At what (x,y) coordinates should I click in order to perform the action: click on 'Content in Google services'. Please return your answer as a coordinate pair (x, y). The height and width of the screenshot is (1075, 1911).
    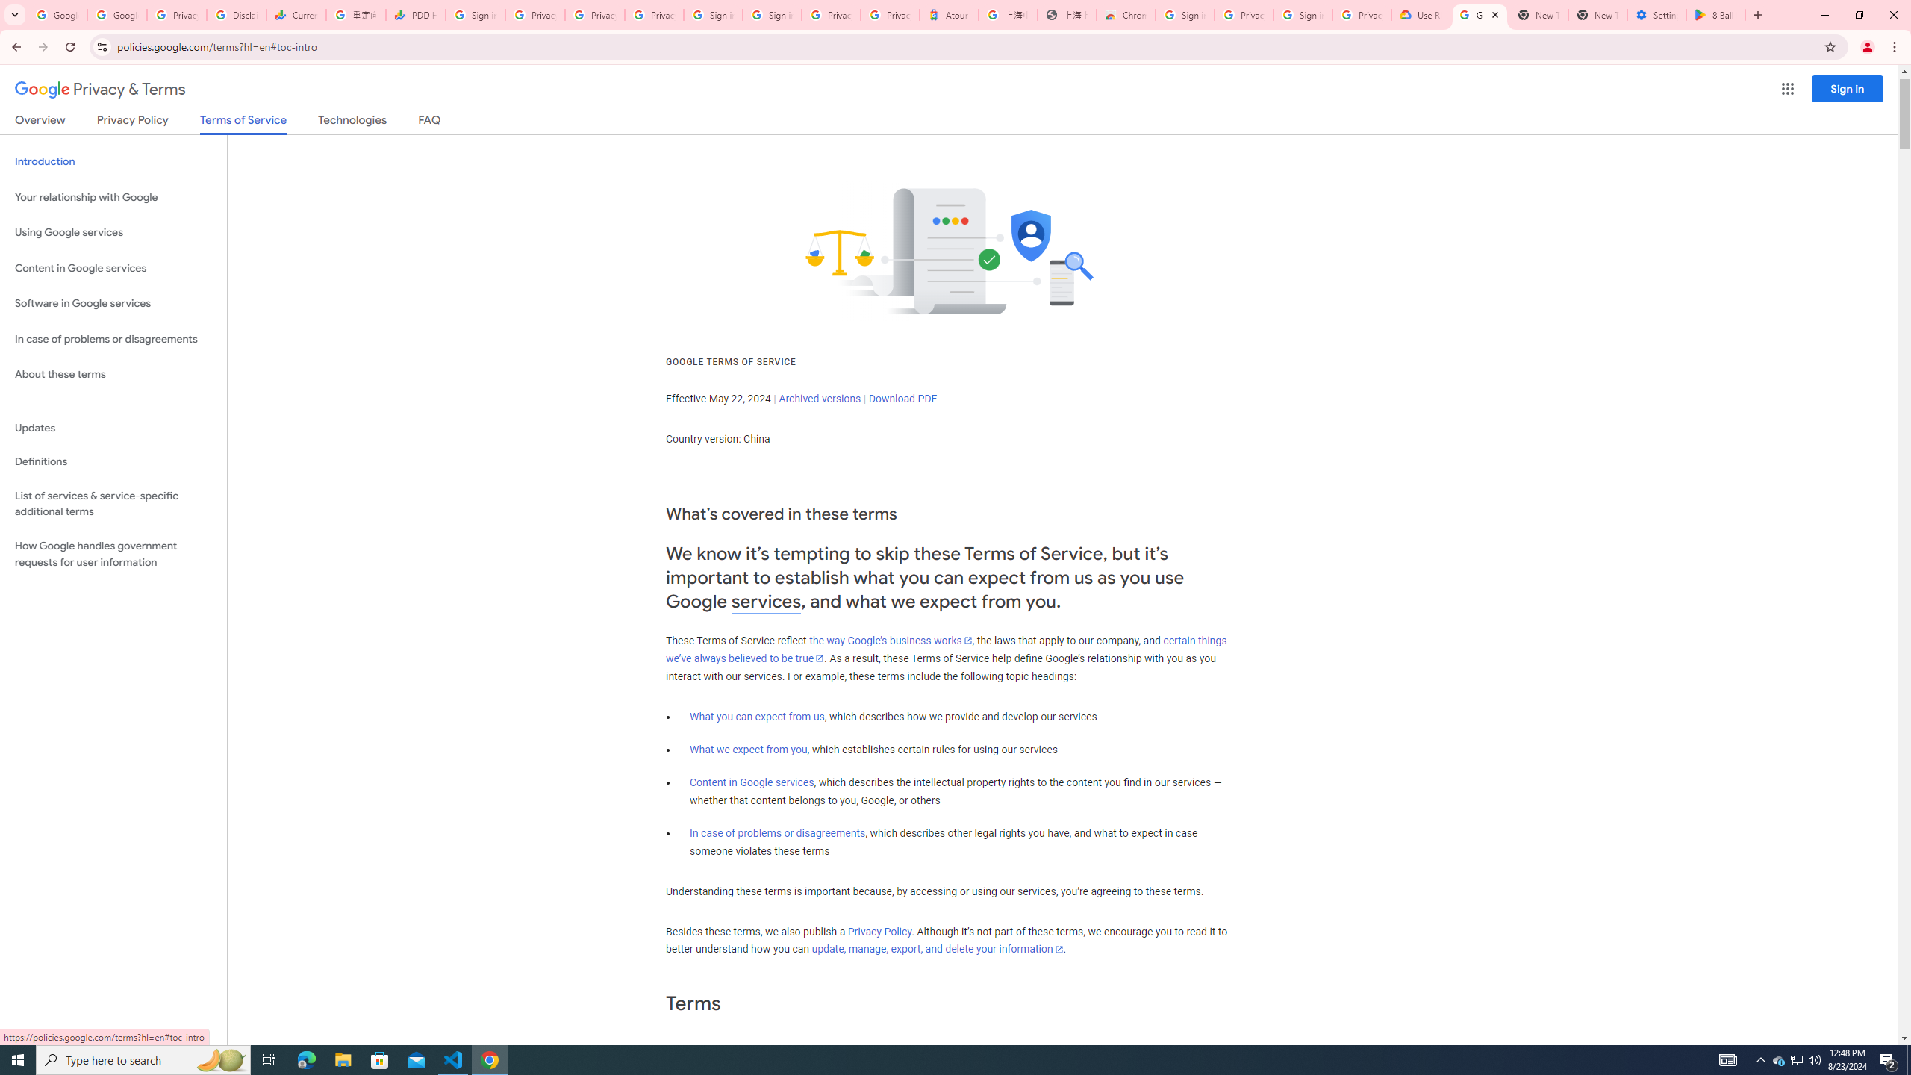
    Looking at the image, I should click on (751, 782).